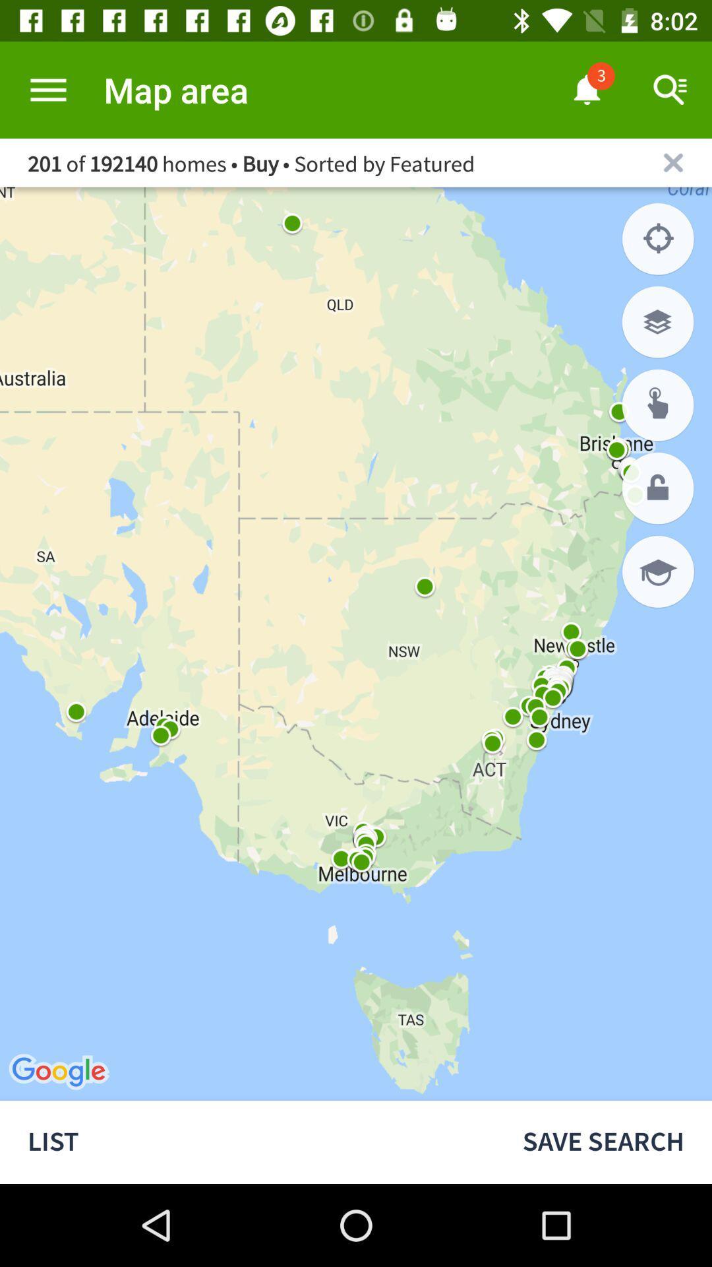 This screenshot has width=712, height=1267. Describe the element at coordinates (673, 162) in the screenshot. I see `the current map area` at that location.